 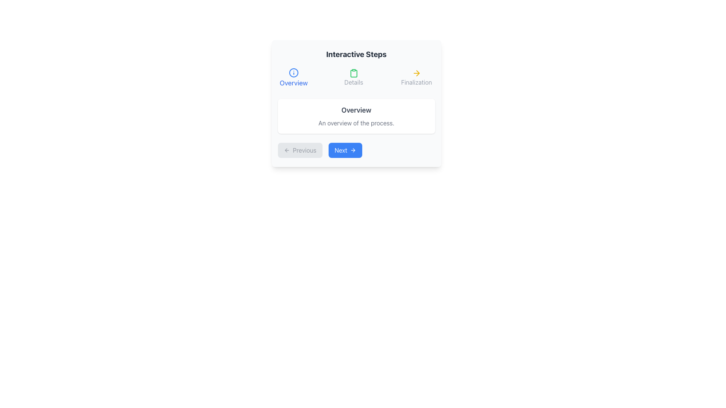 What do you see at coordinates (293, 73) in the screenshot?
I see `the leftmost informational icon in the step indicators` at bounding box center [293, 73].